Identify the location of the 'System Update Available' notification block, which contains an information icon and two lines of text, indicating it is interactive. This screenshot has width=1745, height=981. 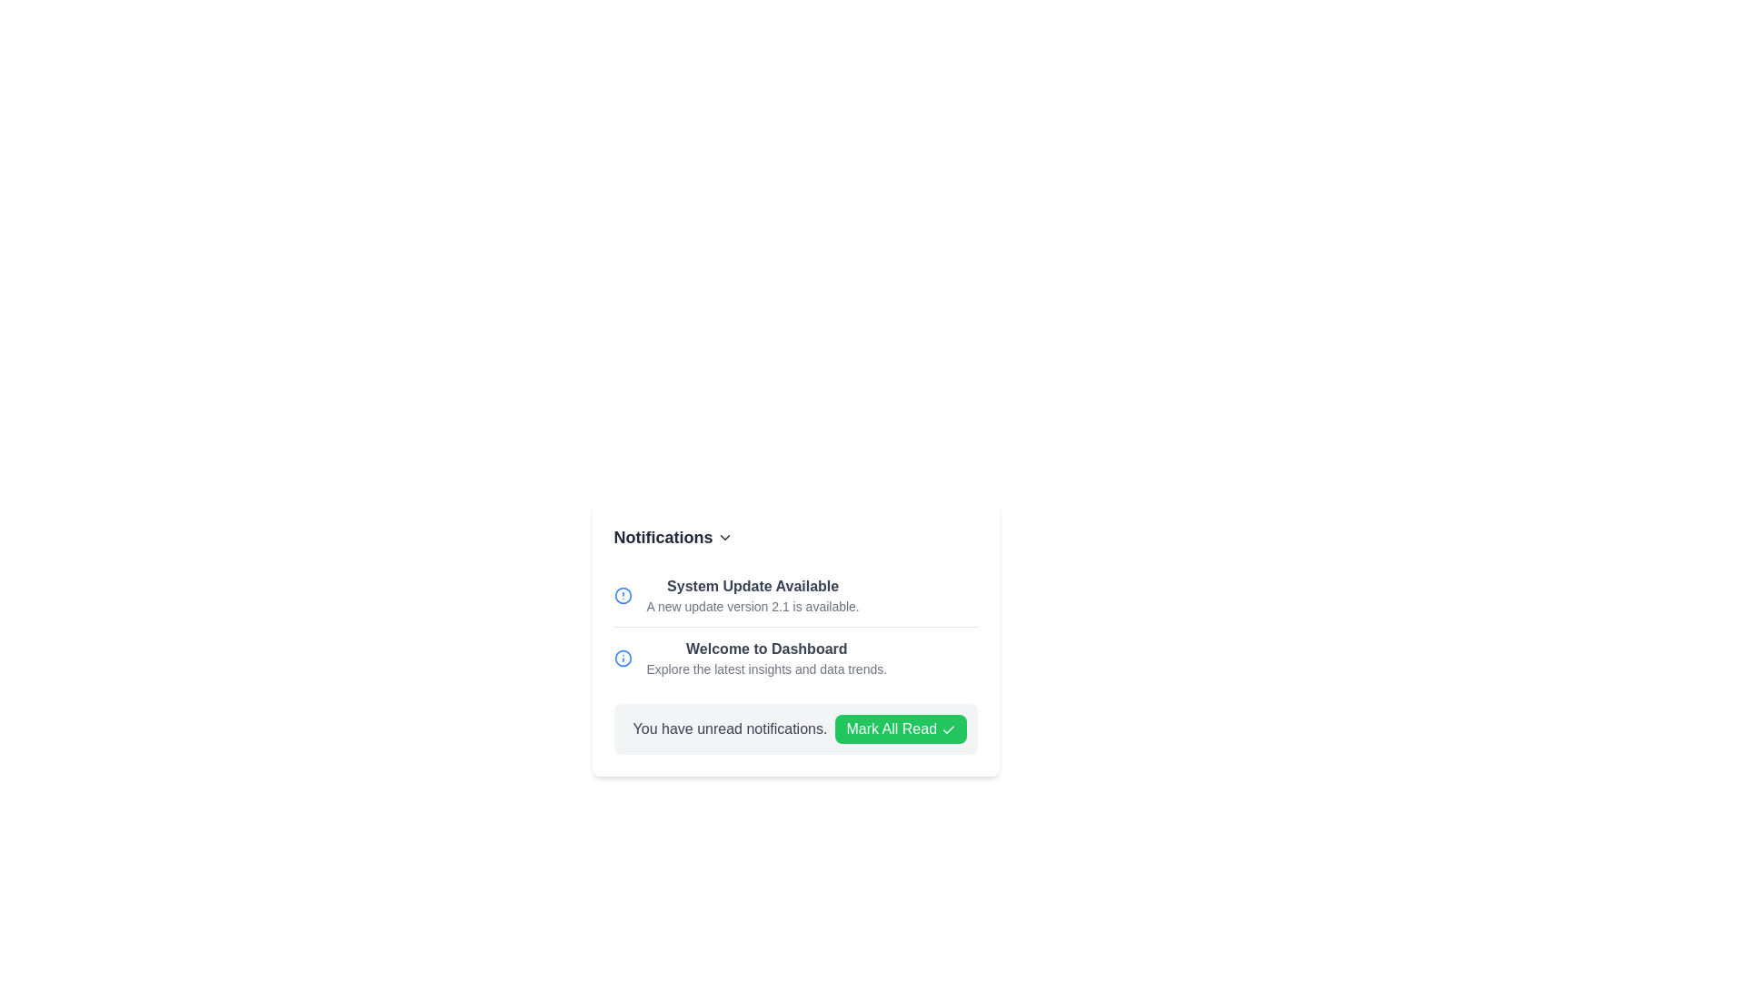
(795, 595).